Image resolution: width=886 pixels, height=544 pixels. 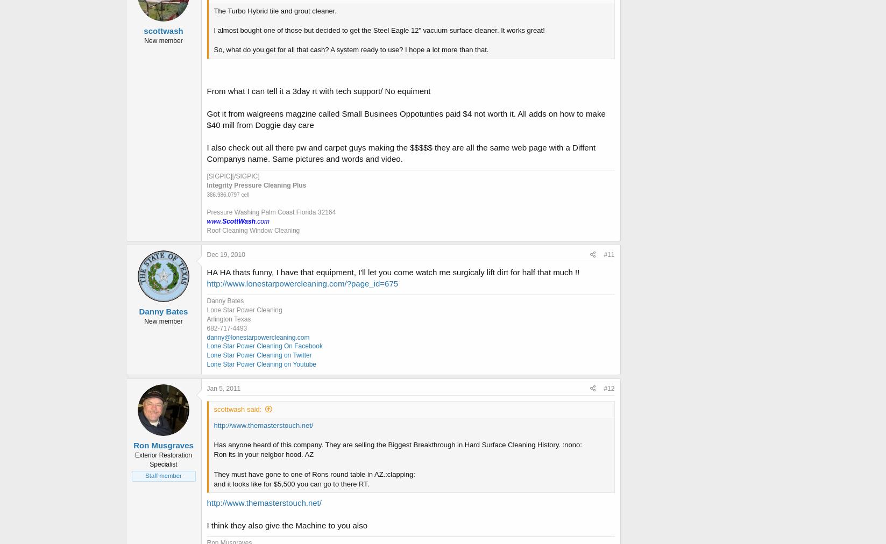 What do you see at coordinates (237, 408) in the screenshot?
I see `'scottwash said:'` at bounding box center [237, 408].